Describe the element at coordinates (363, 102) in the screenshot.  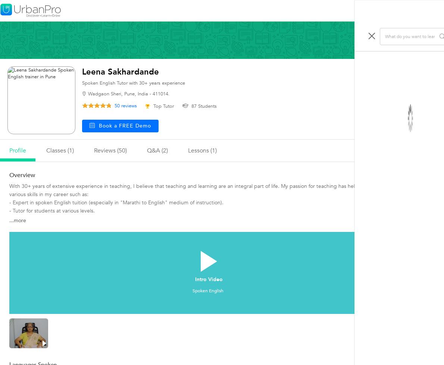
I see `'Paid Courses'` at that location.